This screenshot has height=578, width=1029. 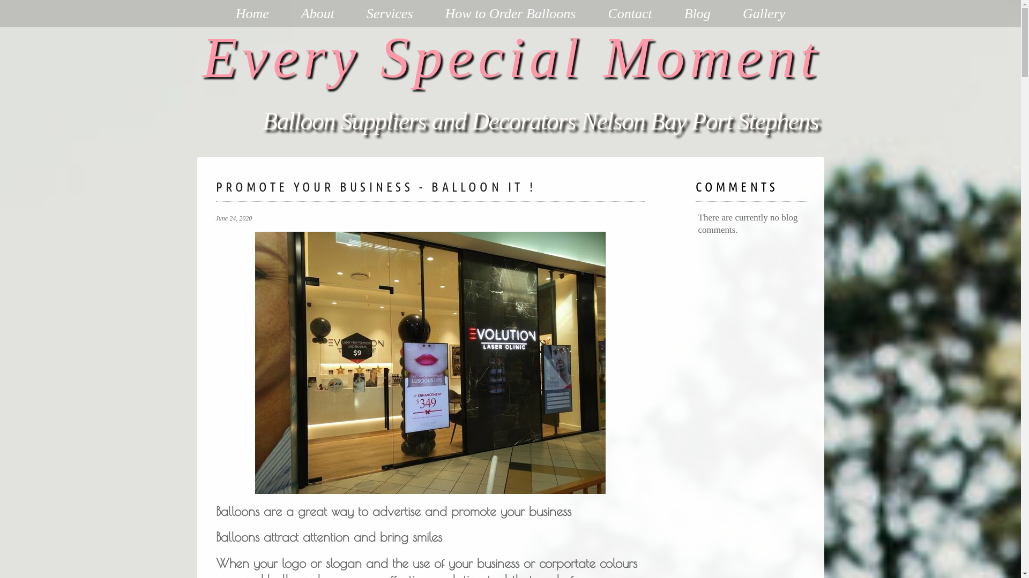 What do you see at coordinates (251, 13) in the screenshot?
I see `'Home'` at bounding box center [251, 13].